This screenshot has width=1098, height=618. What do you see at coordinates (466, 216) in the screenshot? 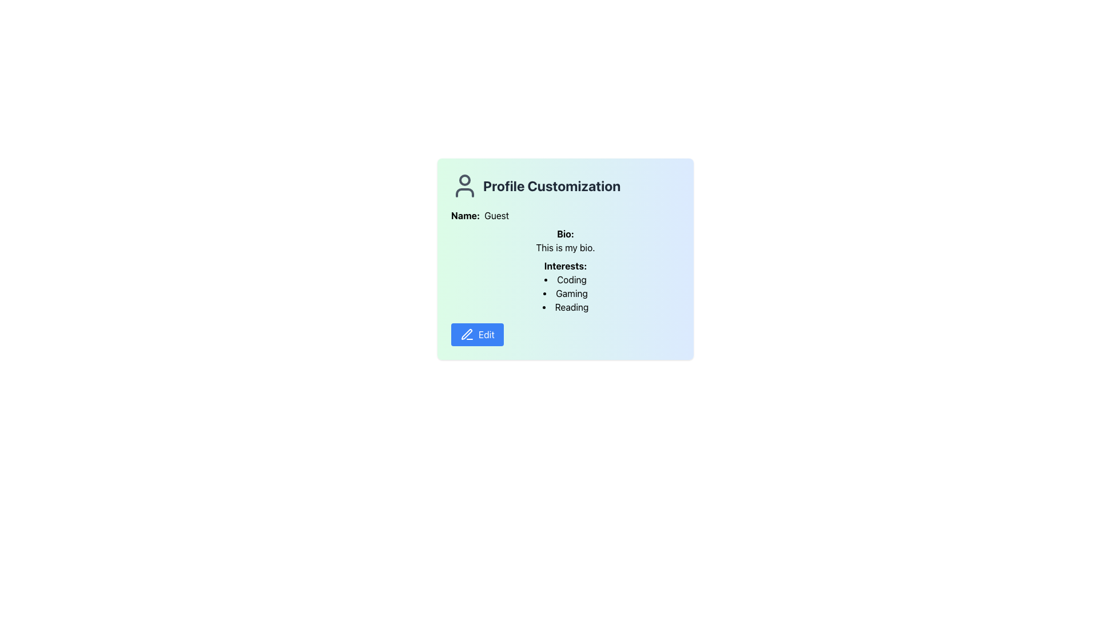
I see `text label styled as 'Name:' located in the top-left area of the 'Profile Customization' card, directly to the left of the text 'Guest'` at bounding box center [466, 216].